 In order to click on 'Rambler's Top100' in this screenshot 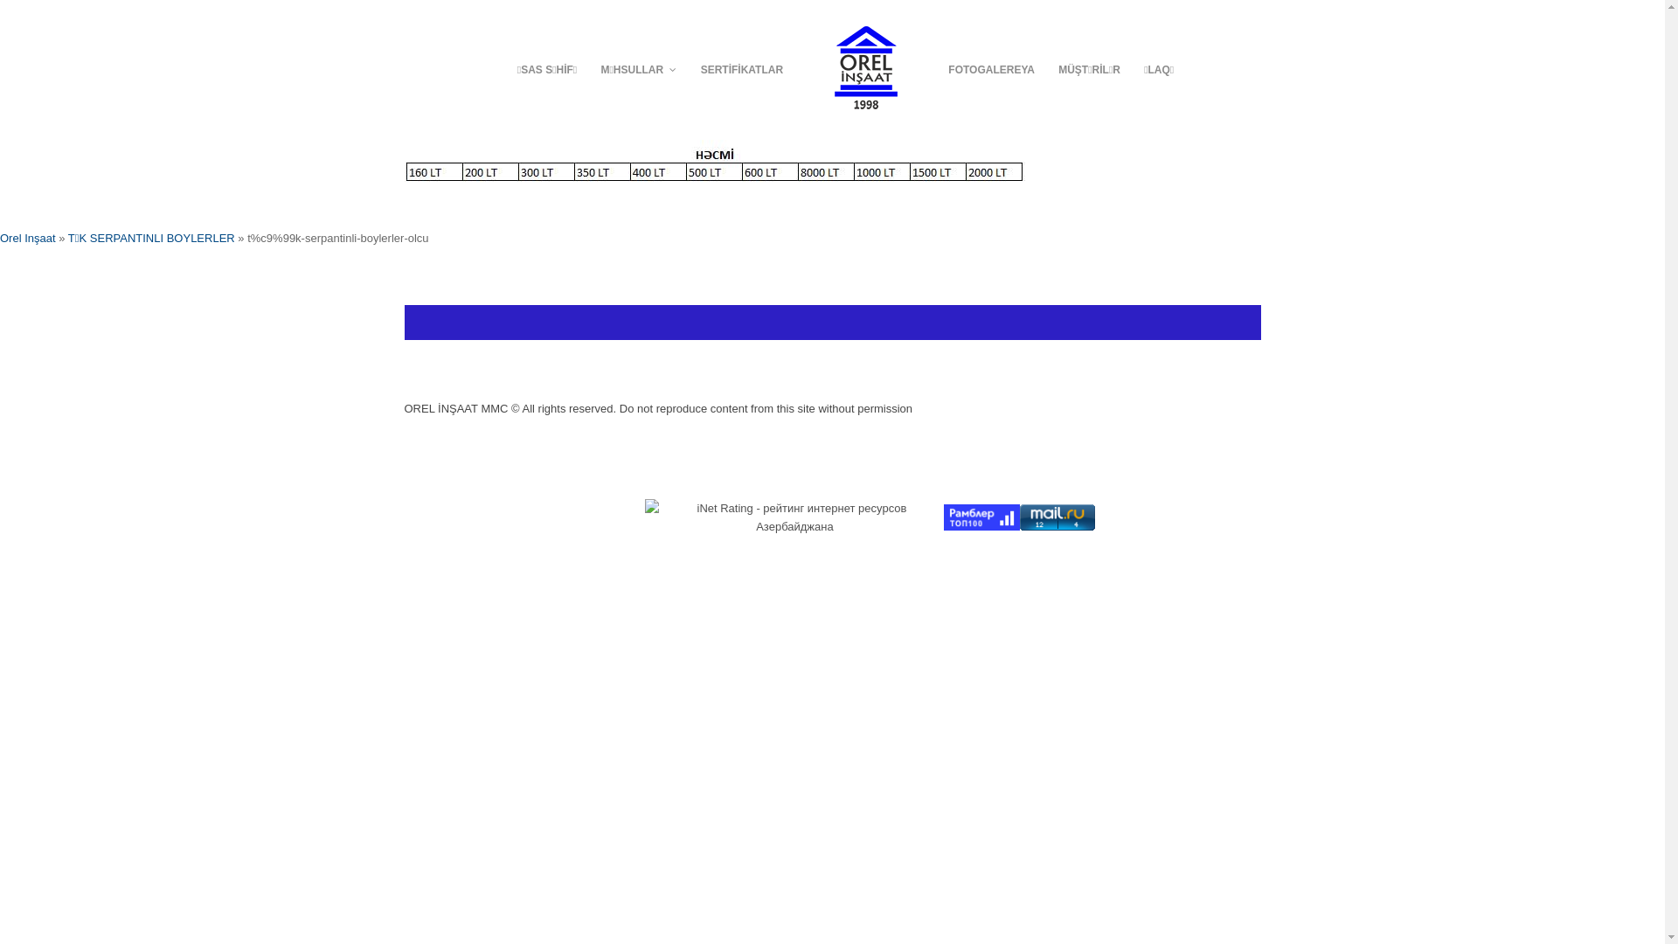, I will do `click(981, 516)`.